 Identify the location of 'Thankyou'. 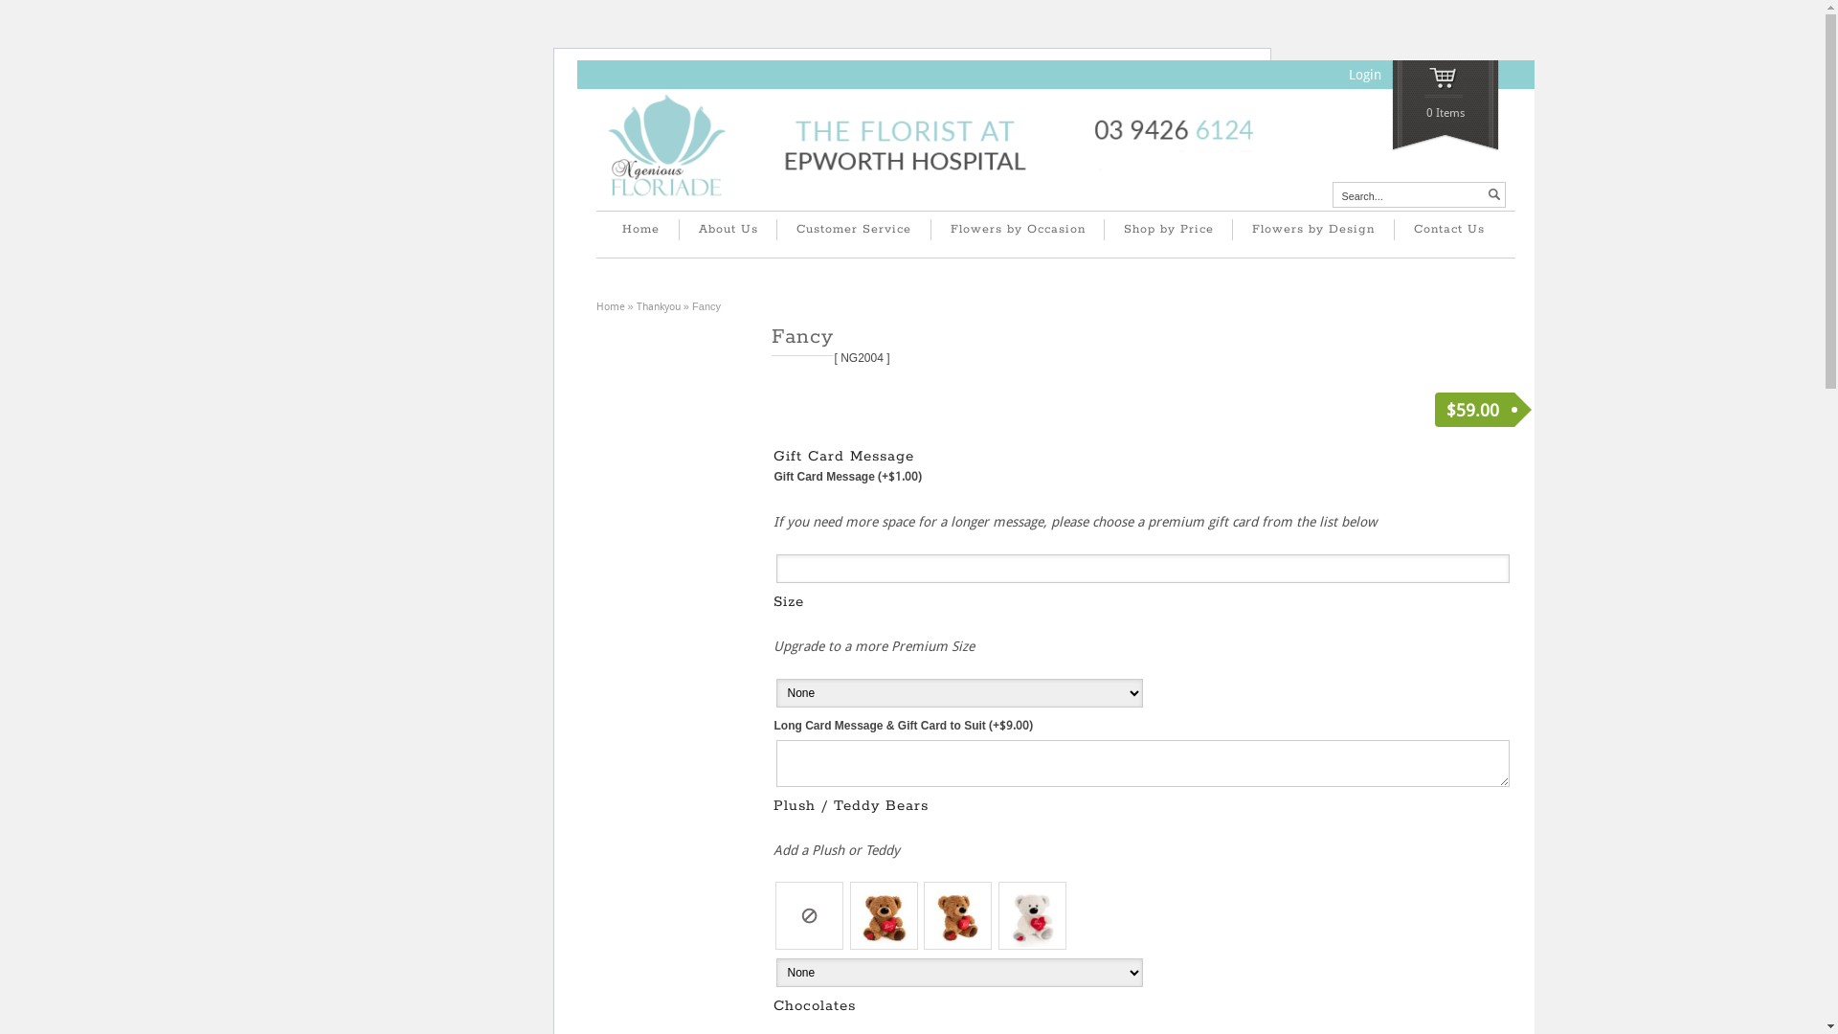
(637, 305).